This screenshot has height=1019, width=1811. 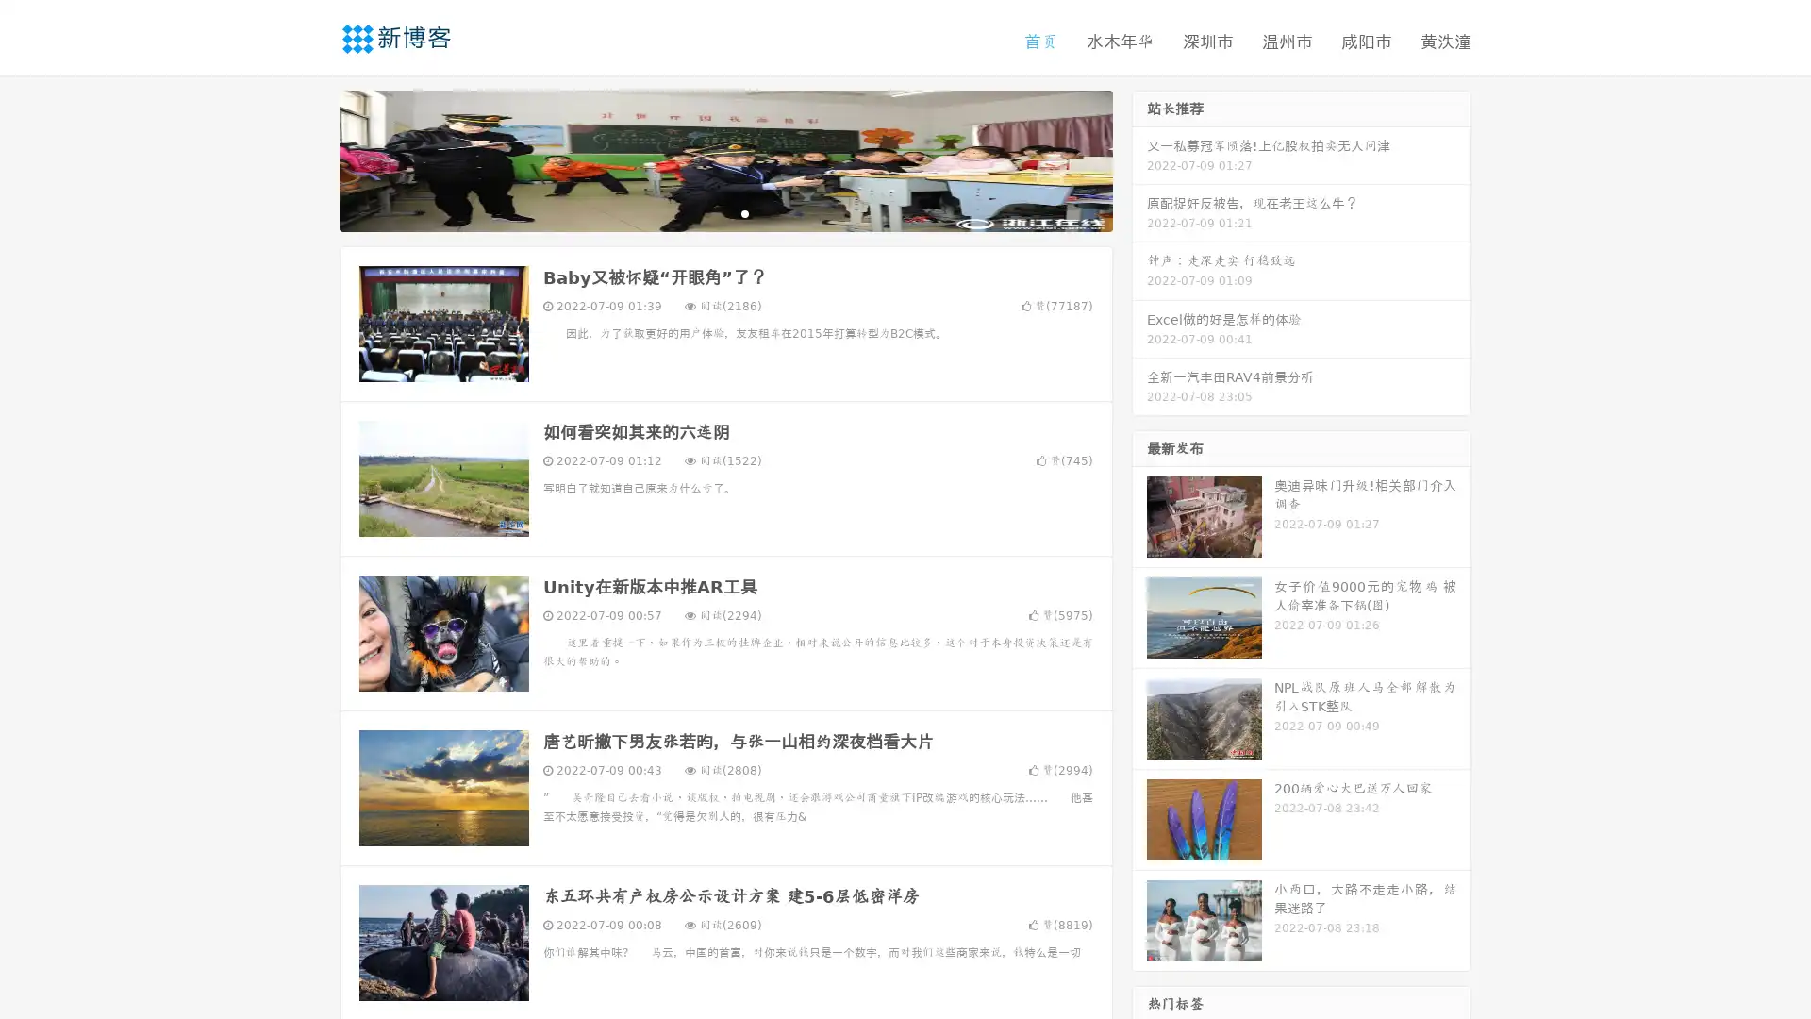 What do you see at coordinates (1139, 159) in the screenshot?
I see `Next slide` at bounding box center [1139, 159].